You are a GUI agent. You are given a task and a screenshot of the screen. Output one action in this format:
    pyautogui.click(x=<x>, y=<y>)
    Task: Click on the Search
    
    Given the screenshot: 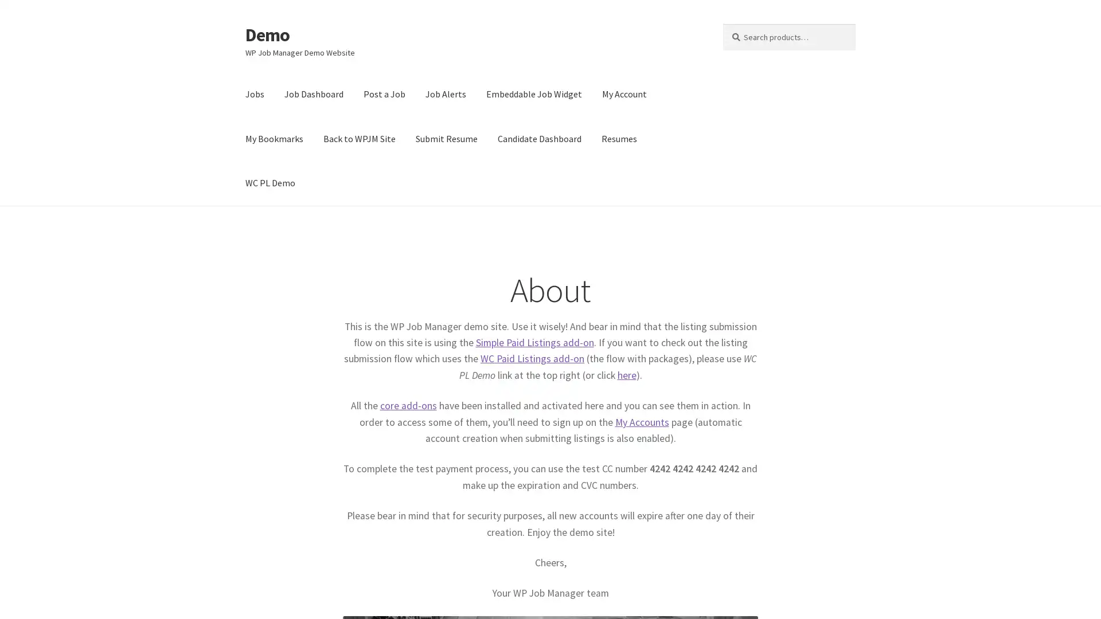 What is the action you would take?
    pyautogui.click(x=721, y=23)
    